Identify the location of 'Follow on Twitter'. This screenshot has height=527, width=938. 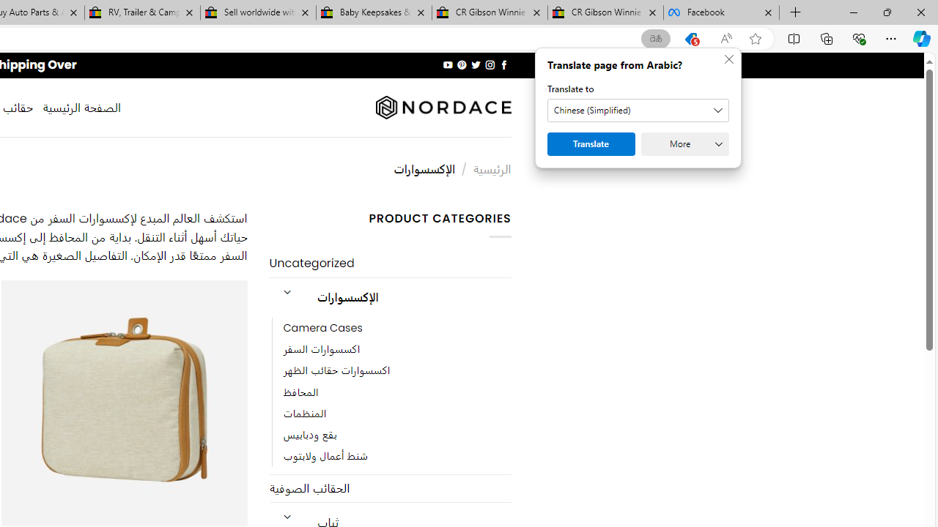
(475, 64).